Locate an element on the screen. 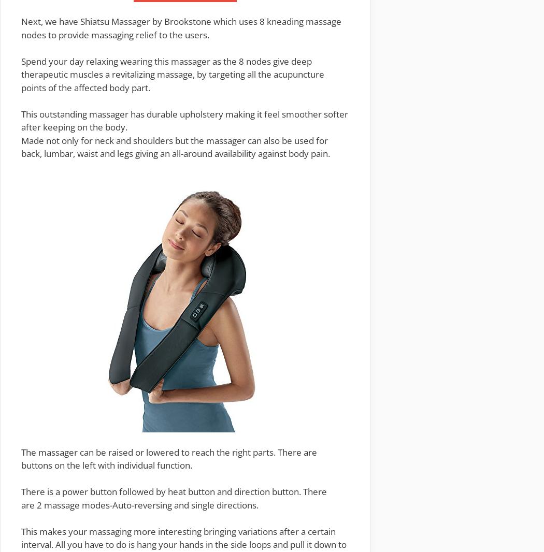  '2 massage modes-Auto-reversing and single directions' is located at coordinates (146, 504).